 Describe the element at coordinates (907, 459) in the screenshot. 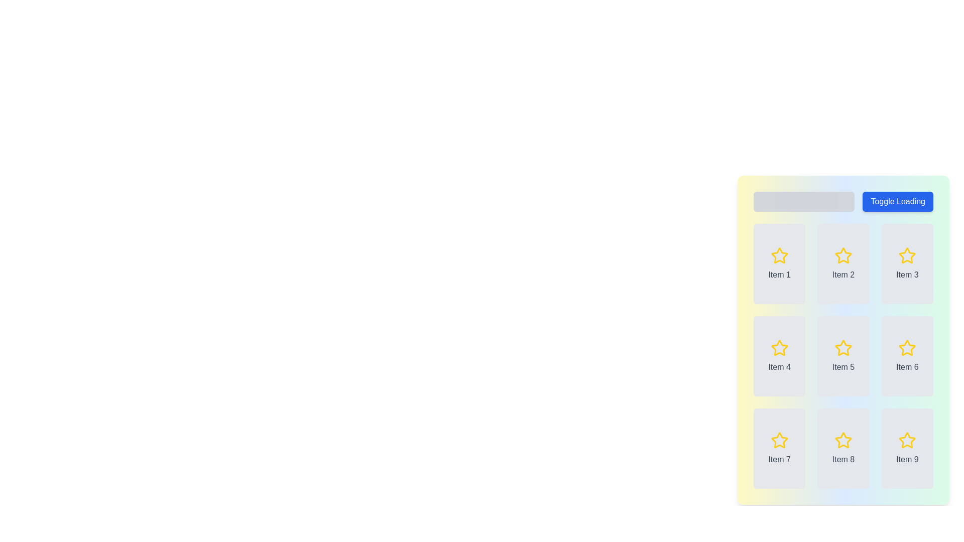

I see `the text label that identifies the item represented by the star icon in the last box of the bottom row` at that location.